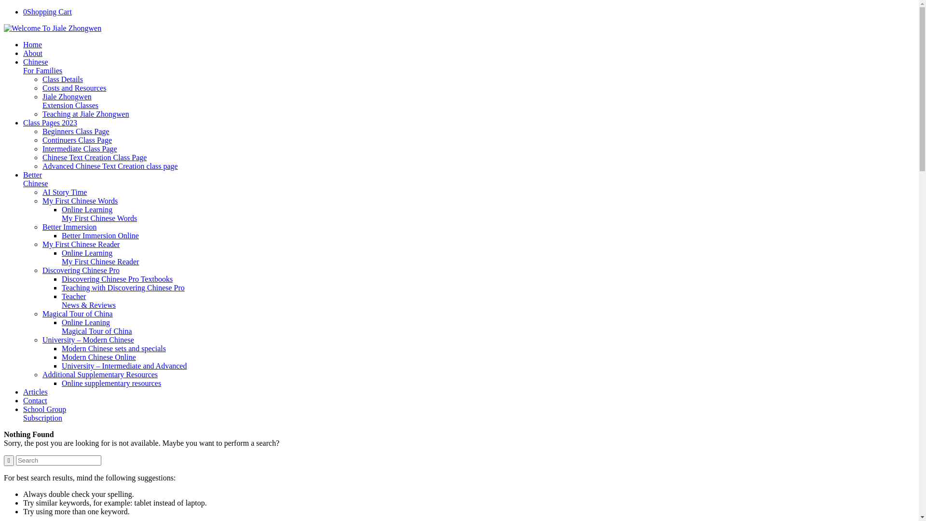  Describe the element at coordinates (100, 235) in the screenshot. I see `'Better Immersion Online'` at that location.